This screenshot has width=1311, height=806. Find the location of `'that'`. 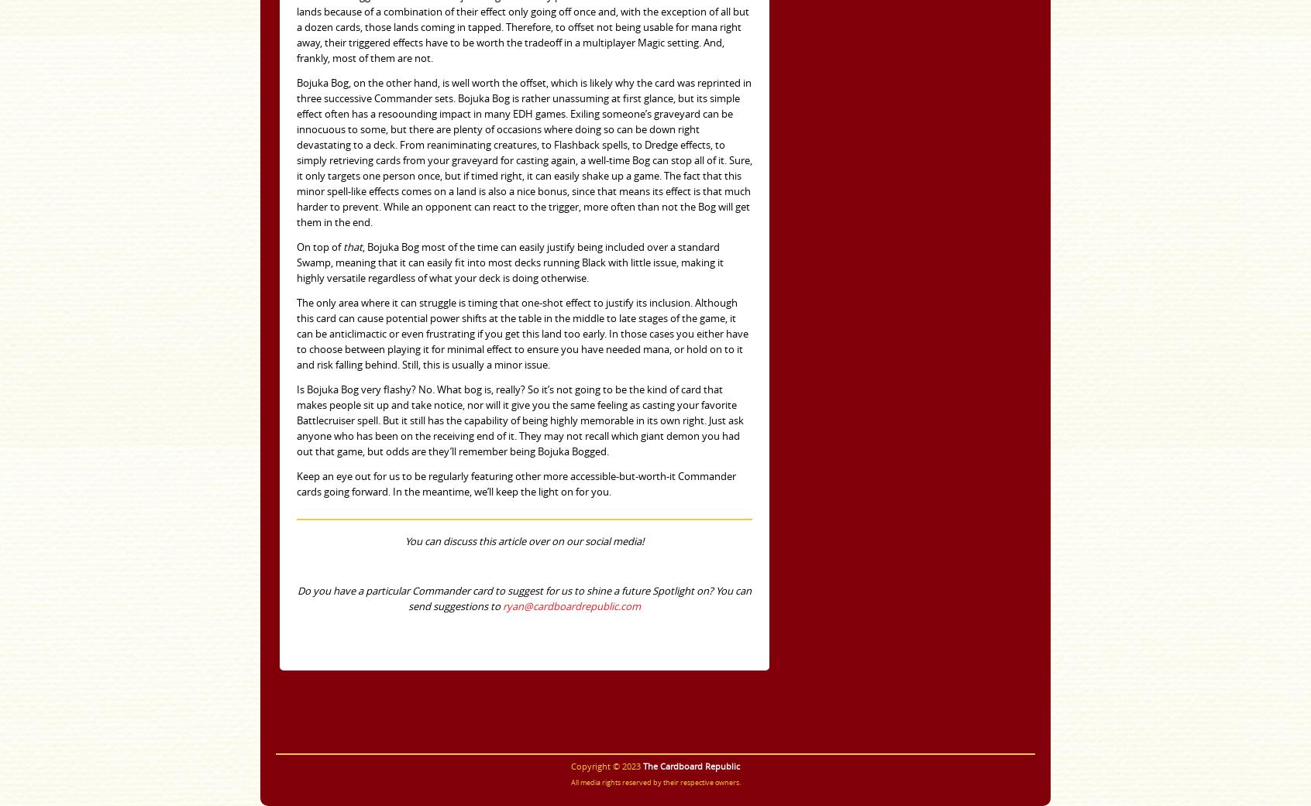

'that' is located at coordinates (352, 247).